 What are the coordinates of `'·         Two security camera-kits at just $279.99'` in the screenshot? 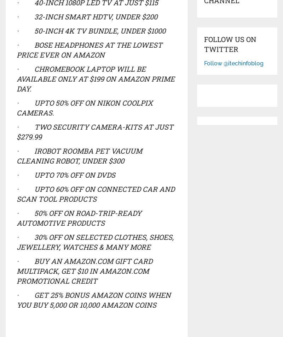 It's located at (94, 131).